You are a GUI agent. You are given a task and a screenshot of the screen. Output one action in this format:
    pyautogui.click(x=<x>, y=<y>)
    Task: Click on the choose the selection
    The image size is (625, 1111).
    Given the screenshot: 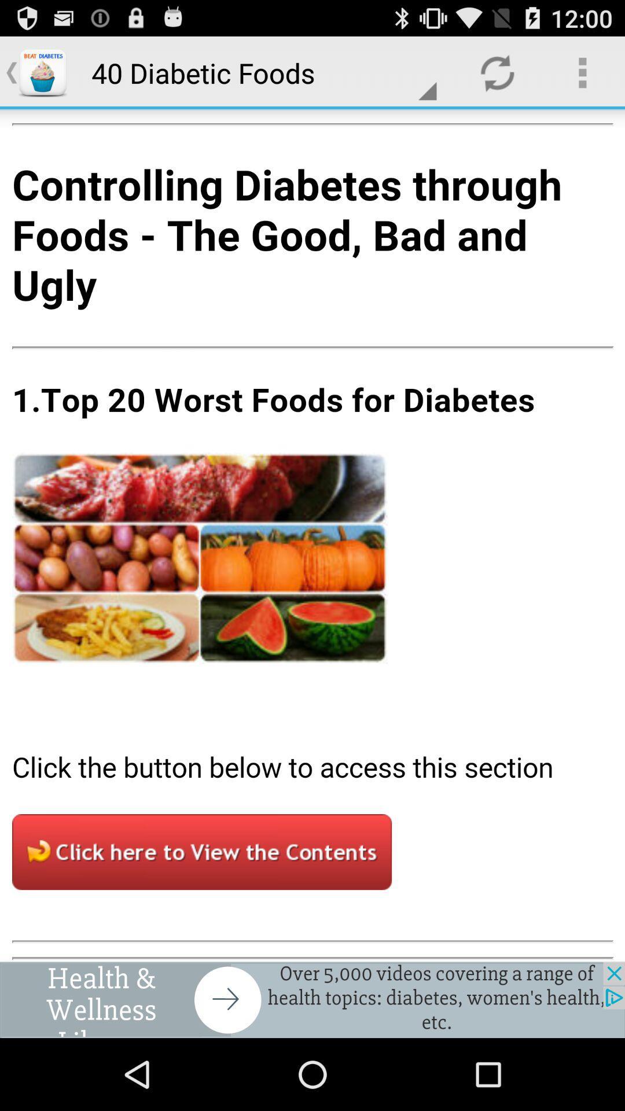 What is the action you would take?
    pyautogui.click(x=312, y=535)
    